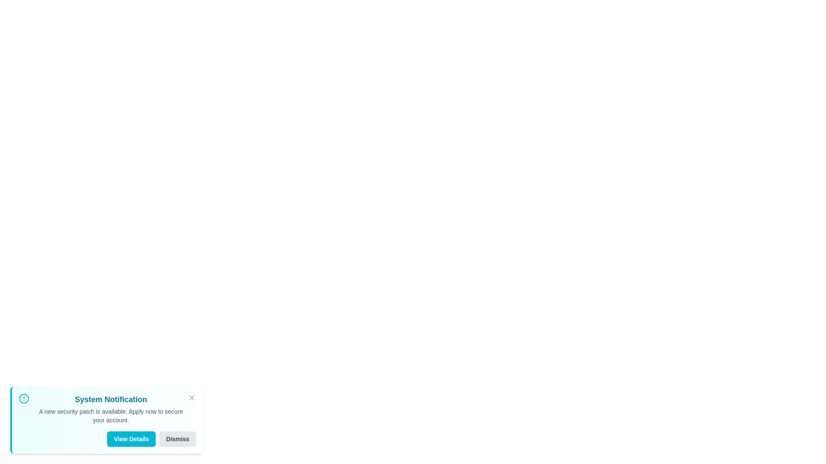 This screenshot has height=464, width=826. I want to click on the 'View Details' button, so click(131, 439).